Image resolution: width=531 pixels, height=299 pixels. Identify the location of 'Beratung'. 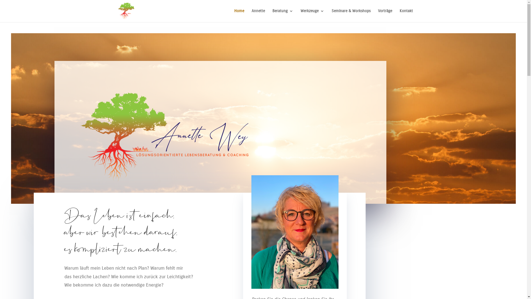
(282, 15).